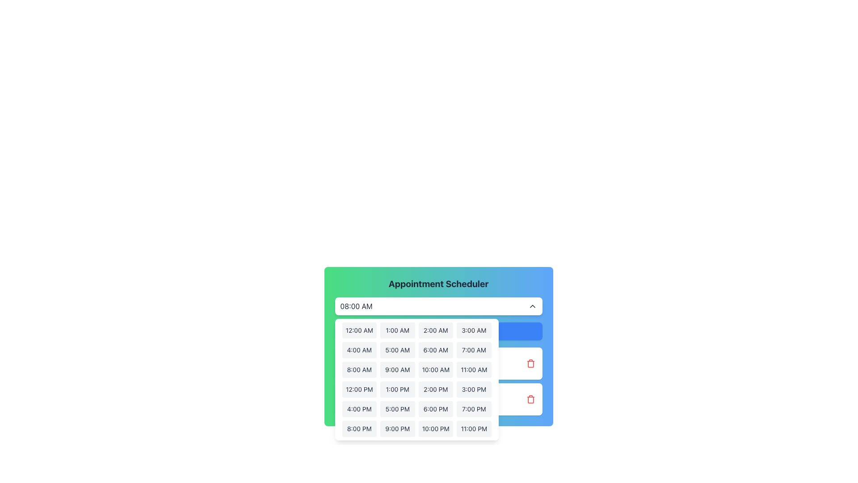 The height and width of the screenshot is (483, 858). Describe the element at coordinates (438, 341) in the screenshot. I see `the Time selection option displaying '2:00 AM', which is the third item in the first row of the time options grid` at that location.